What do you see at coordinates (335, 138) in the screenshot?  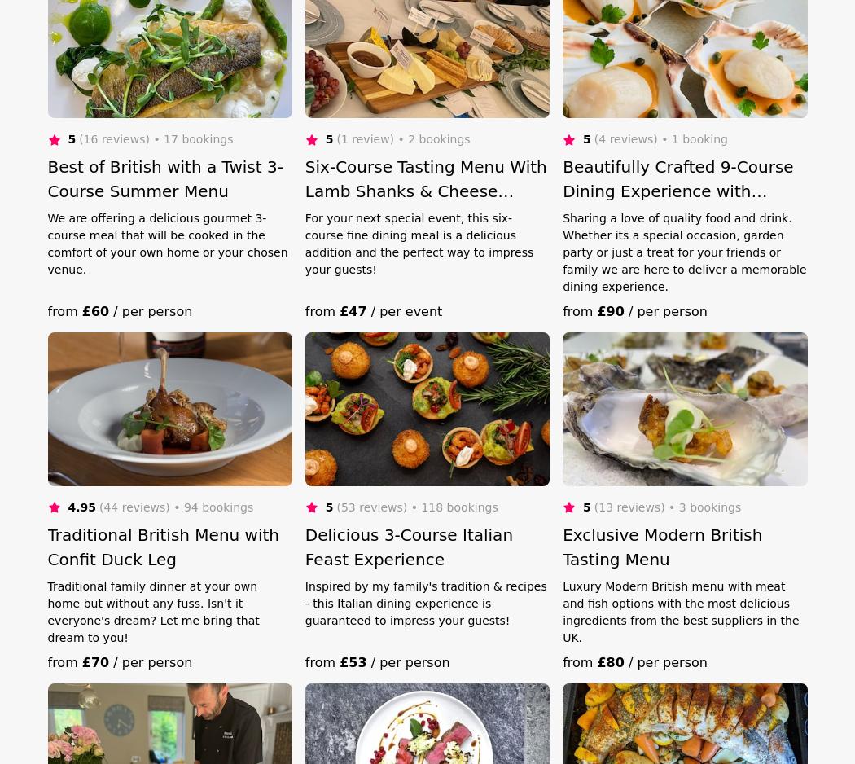 I see `'(1 review)'` at bounding box center [335, 138].